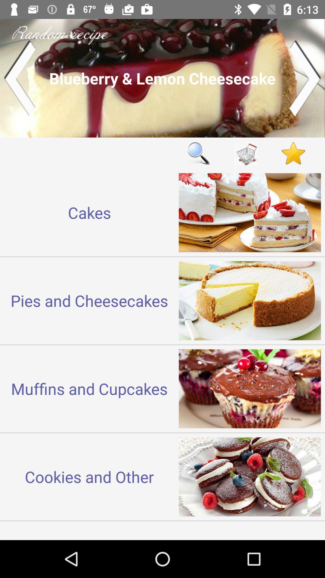 The image size is (325, 578). I want to click on next slide, so click(305, 78).